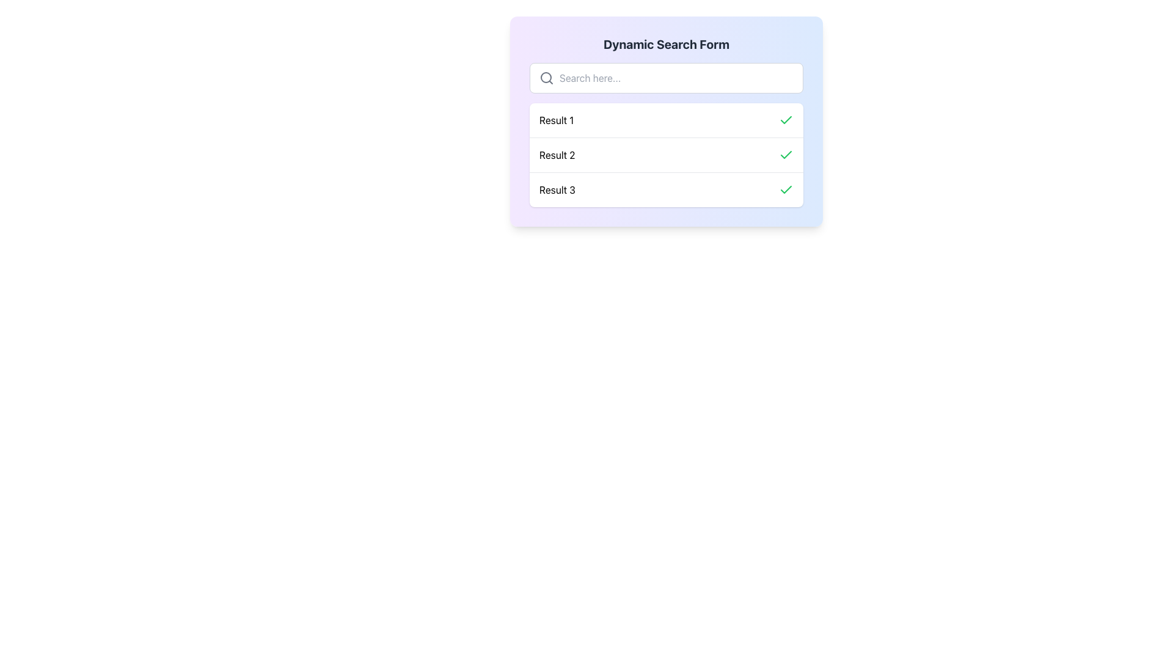 The width and height of the screenshot is (1173, 660). I want to click on the green checkmark icon indicating success for 'Result 1' to confirm the selection, so click(786, 120).